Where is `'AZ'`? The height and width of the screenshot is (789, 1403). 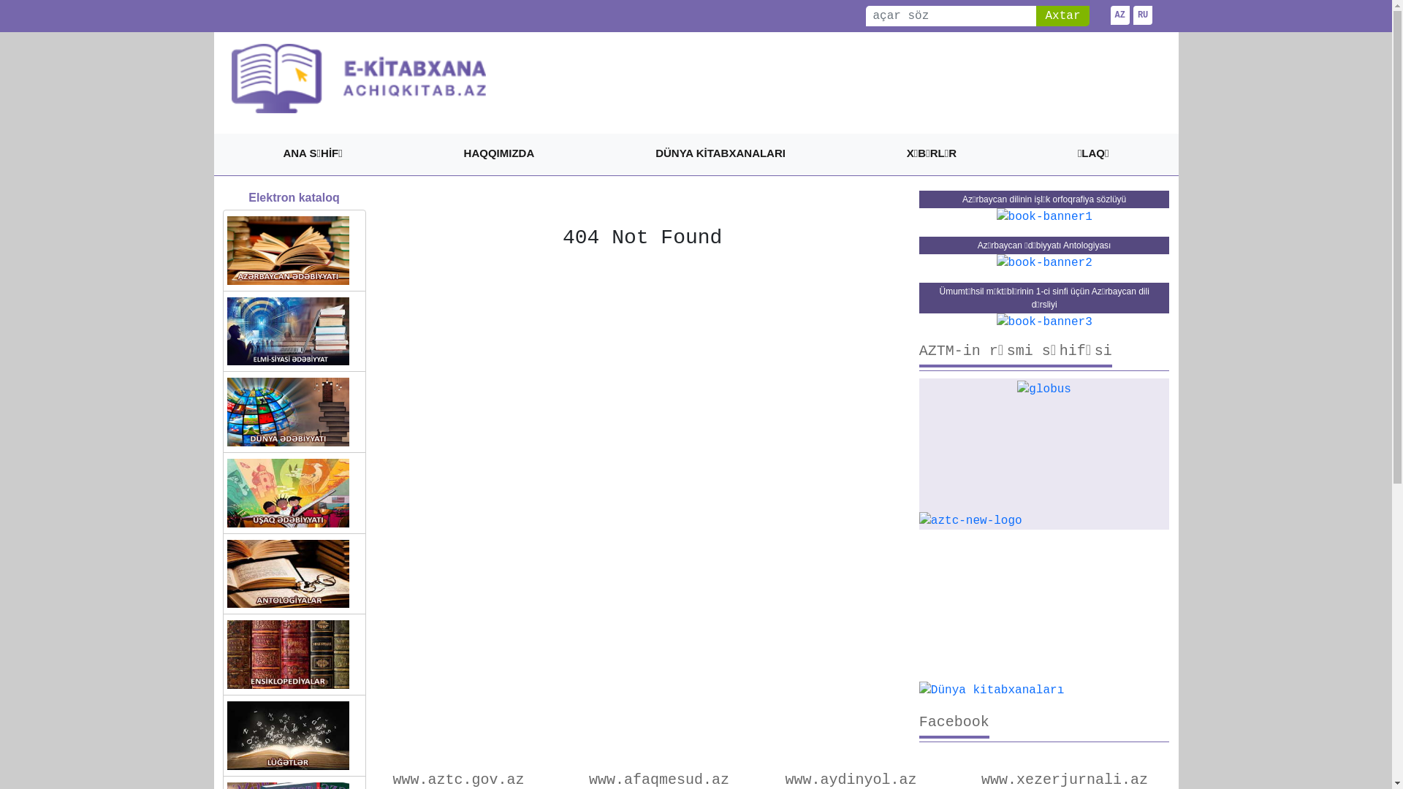 'AZ' is located at coordinates (1111, 15).